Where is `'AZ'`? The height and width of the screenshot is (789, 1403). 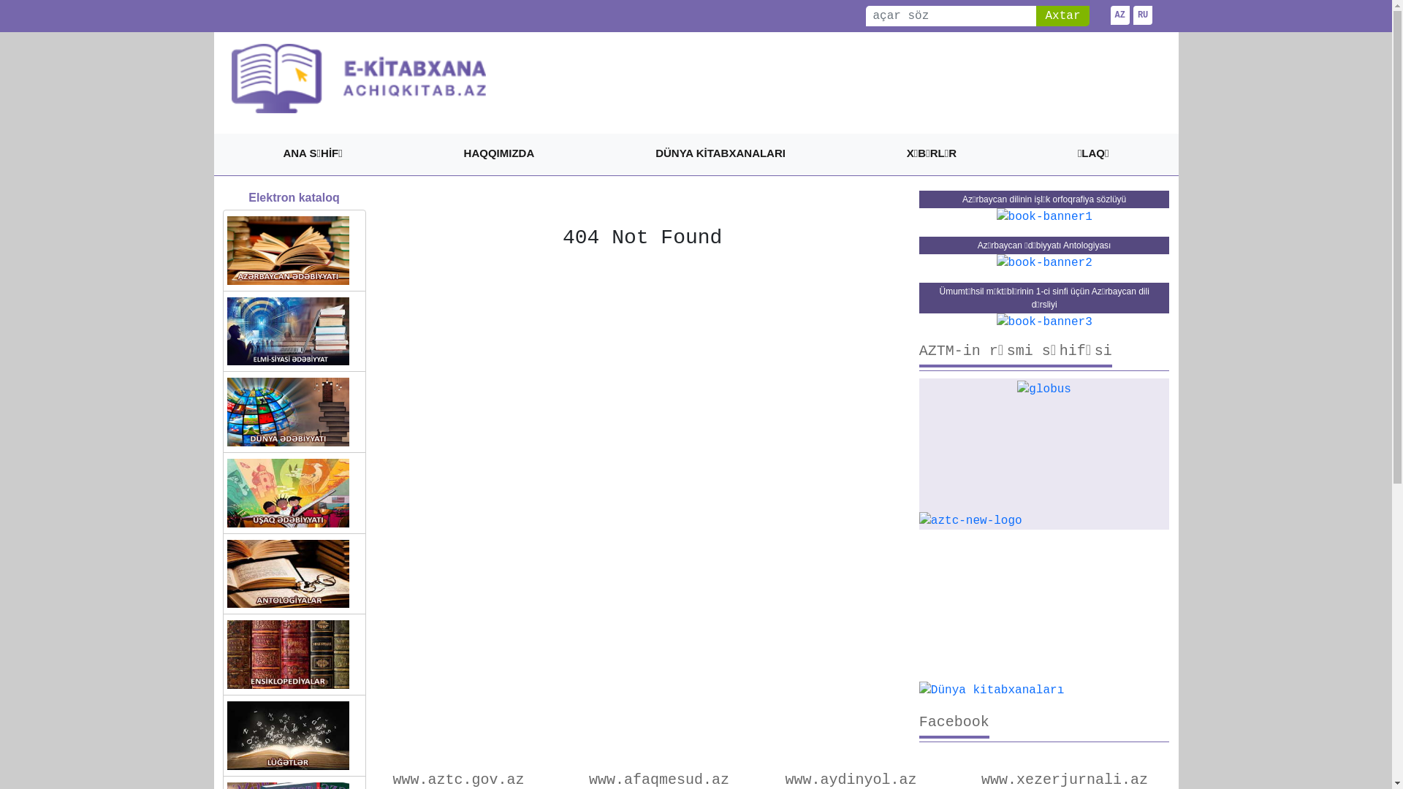 'AZ' is located at coordinates (1111, 15).